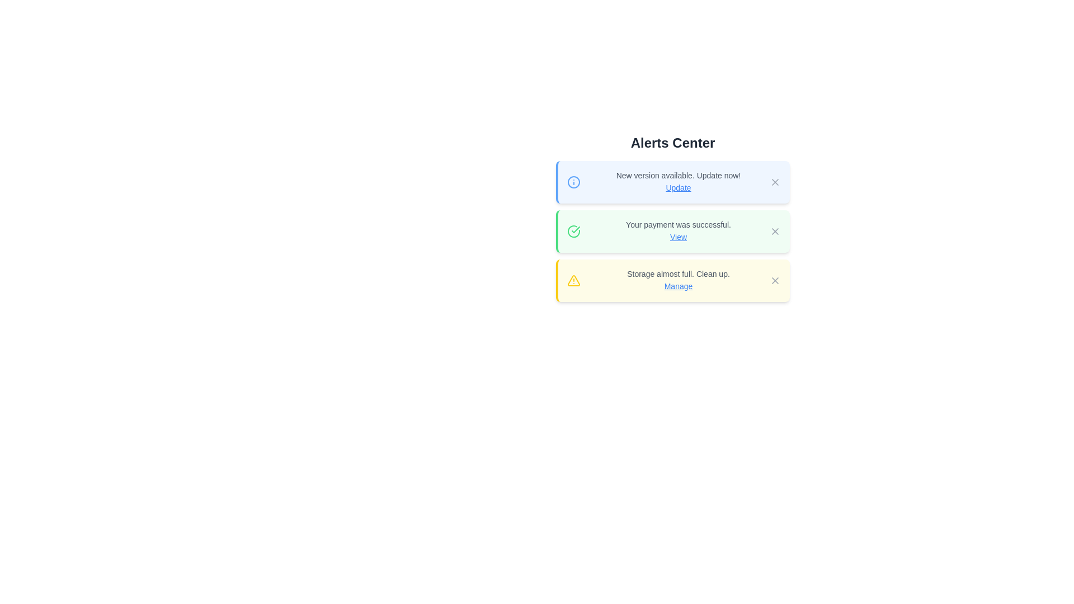 This screenshot has height=604, width=1074. I want to click on the informational Text label that indicates the successful completion of a payment process, located in the 'Alerts Center' section, specifically the second alert item, to the left of the 'View' link, so click(678, 224).